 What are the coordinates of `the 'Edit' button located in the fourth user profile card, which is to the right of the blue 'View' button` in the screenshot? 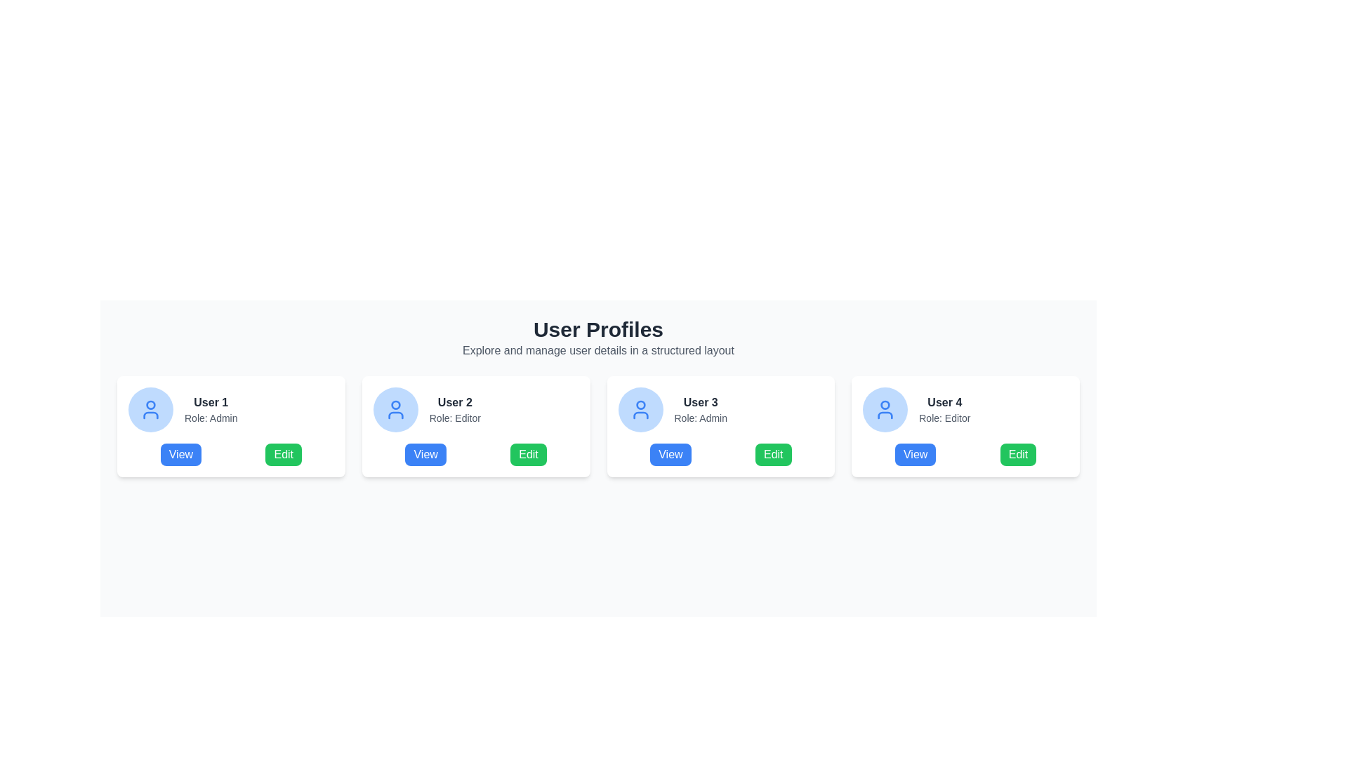 It's located at (1017, 455).